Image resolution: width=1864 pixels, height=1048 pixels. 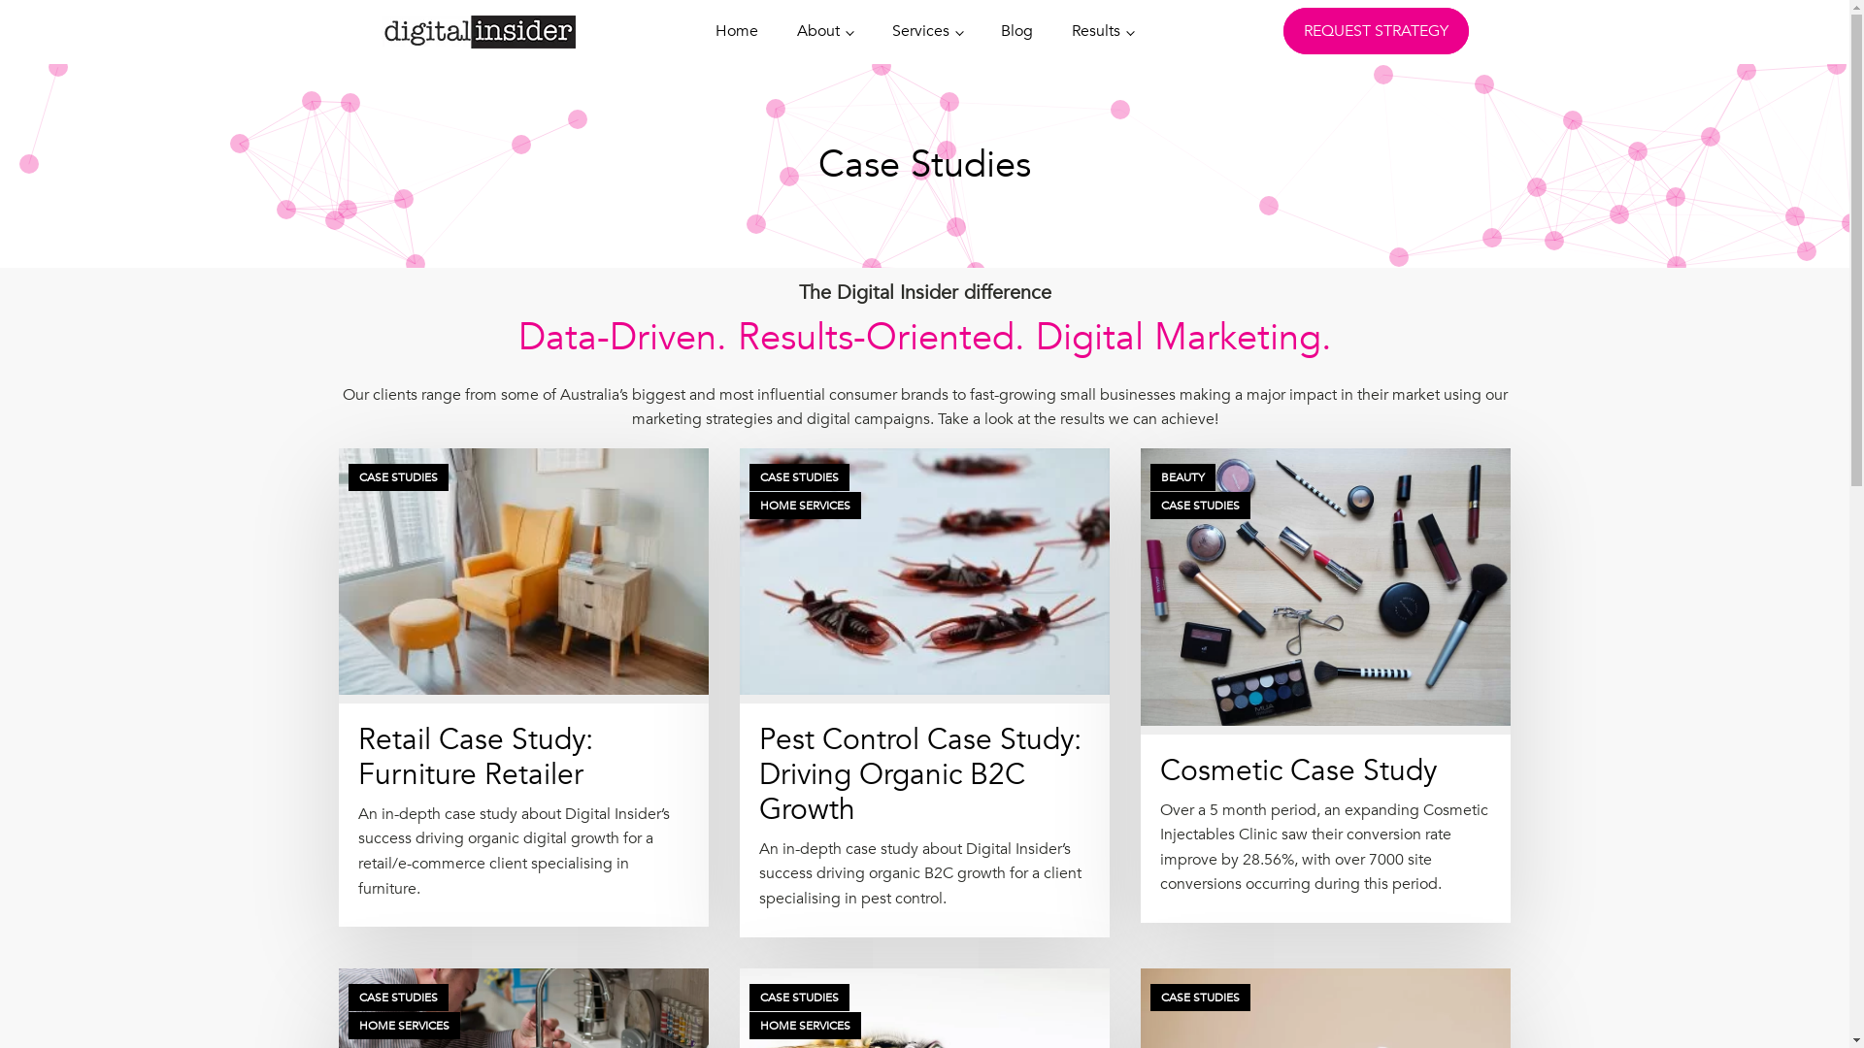 I want to click on 'About', so click(x=824, y=32).